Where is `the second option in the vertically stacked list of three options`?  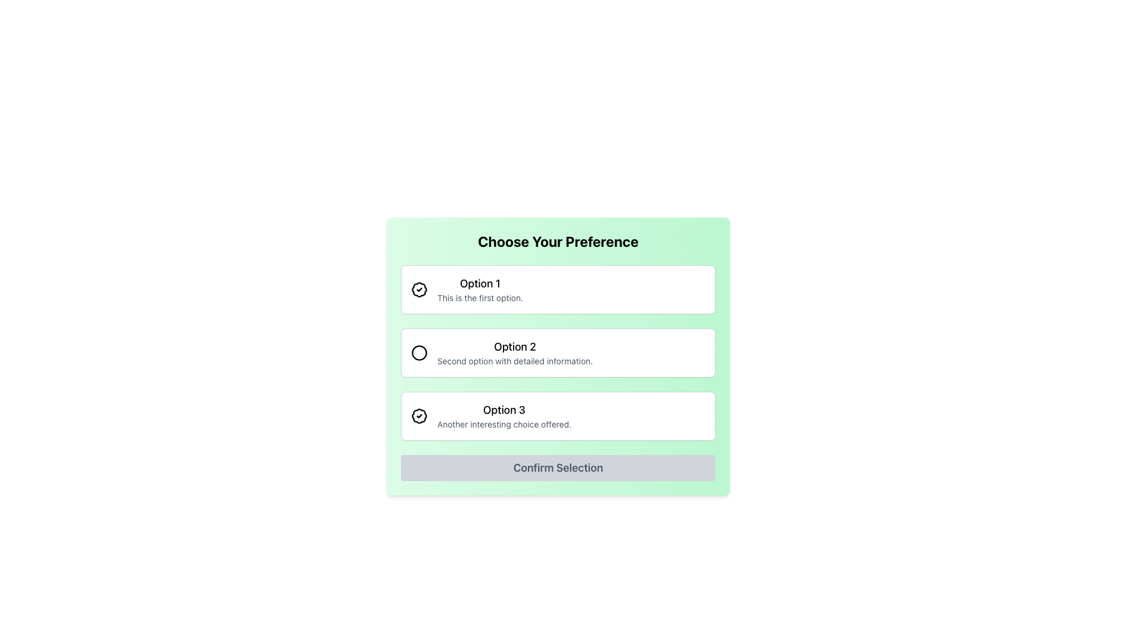 the second option in the vertically stacked list of three options is located at coordinates (557, 352).